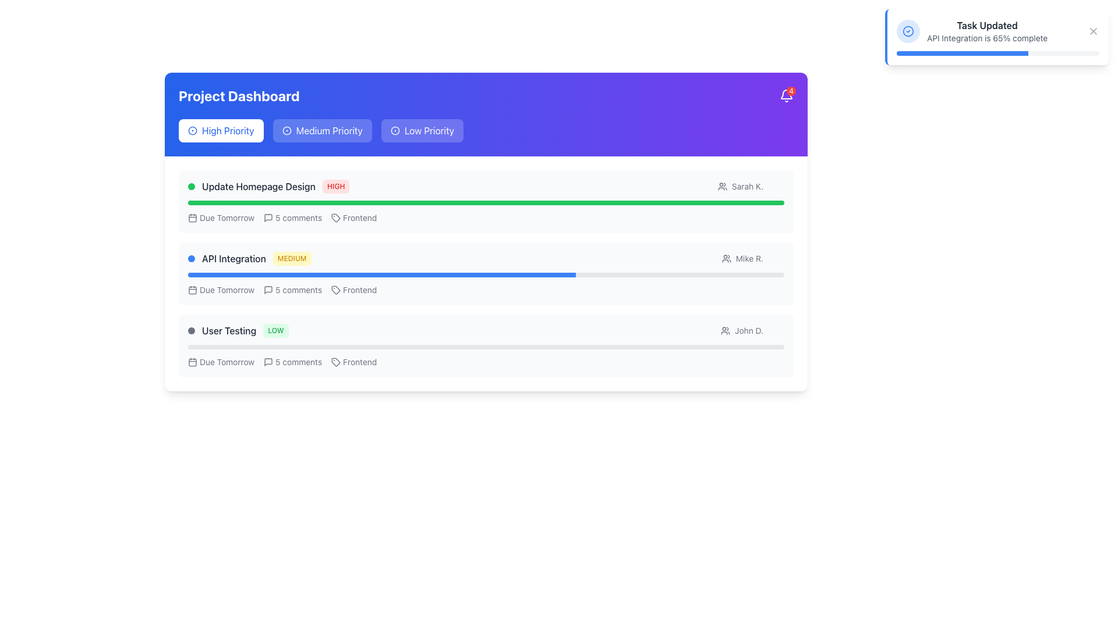 The image size is (1118, 628). Describe the element at coordinates (299, 362) in the screenshot. I see `the text label displaying '5 comments' located in the 'User Testing' section under 'Low Priority', positioned to the right of a speech bubble icon and to the left of the word 'Frontend'` at that location.